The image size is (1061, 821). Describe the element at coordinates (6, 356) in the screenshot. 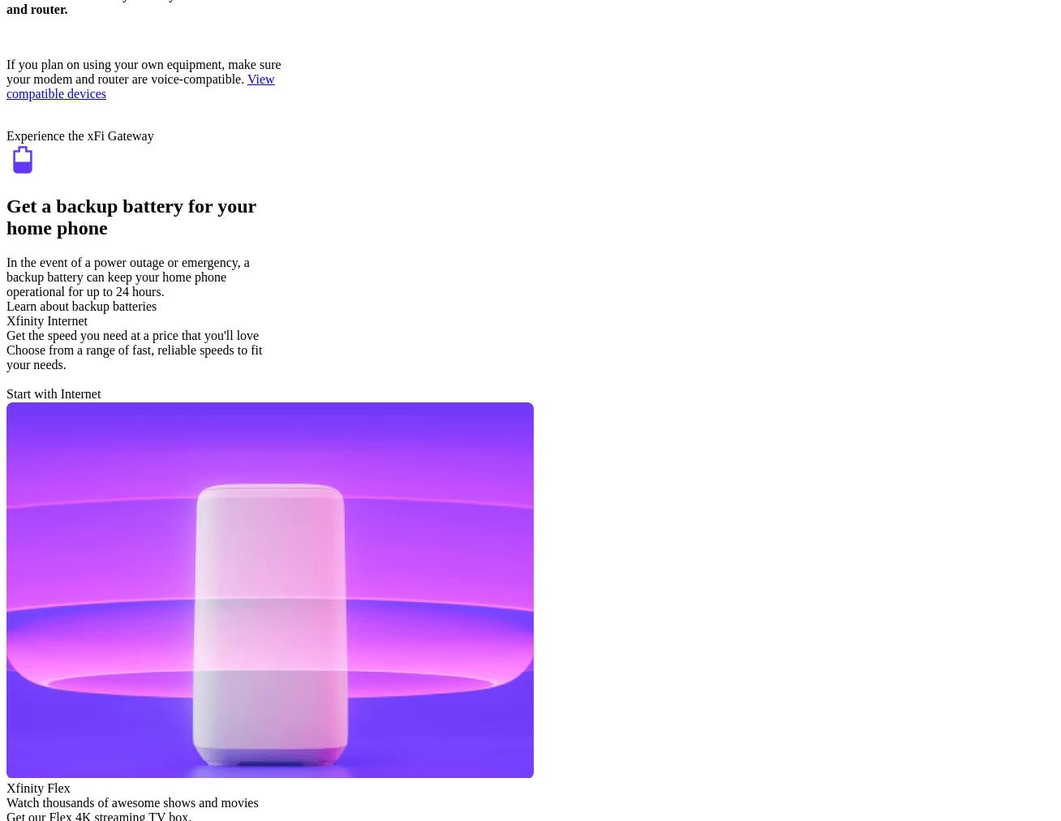

I see `'Choose from a range of fast, reliable speeds to fit your needs.'` at that location.